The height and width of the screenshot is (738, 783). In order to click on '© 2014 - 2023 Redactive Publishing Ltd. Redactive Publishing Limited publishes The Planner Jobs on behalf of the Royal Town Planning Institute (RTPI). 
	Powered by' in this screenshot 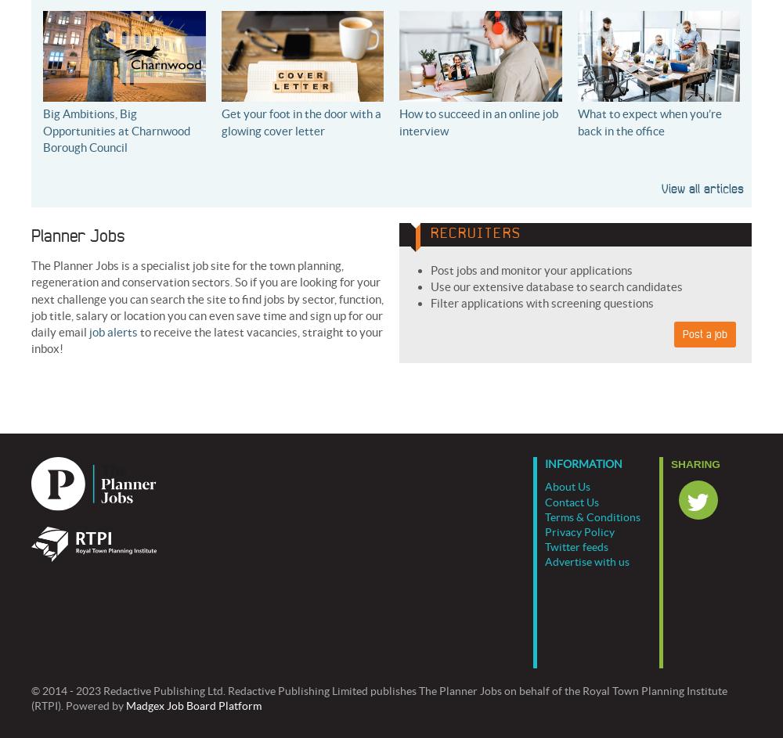, I will do `click(378, 697)`.